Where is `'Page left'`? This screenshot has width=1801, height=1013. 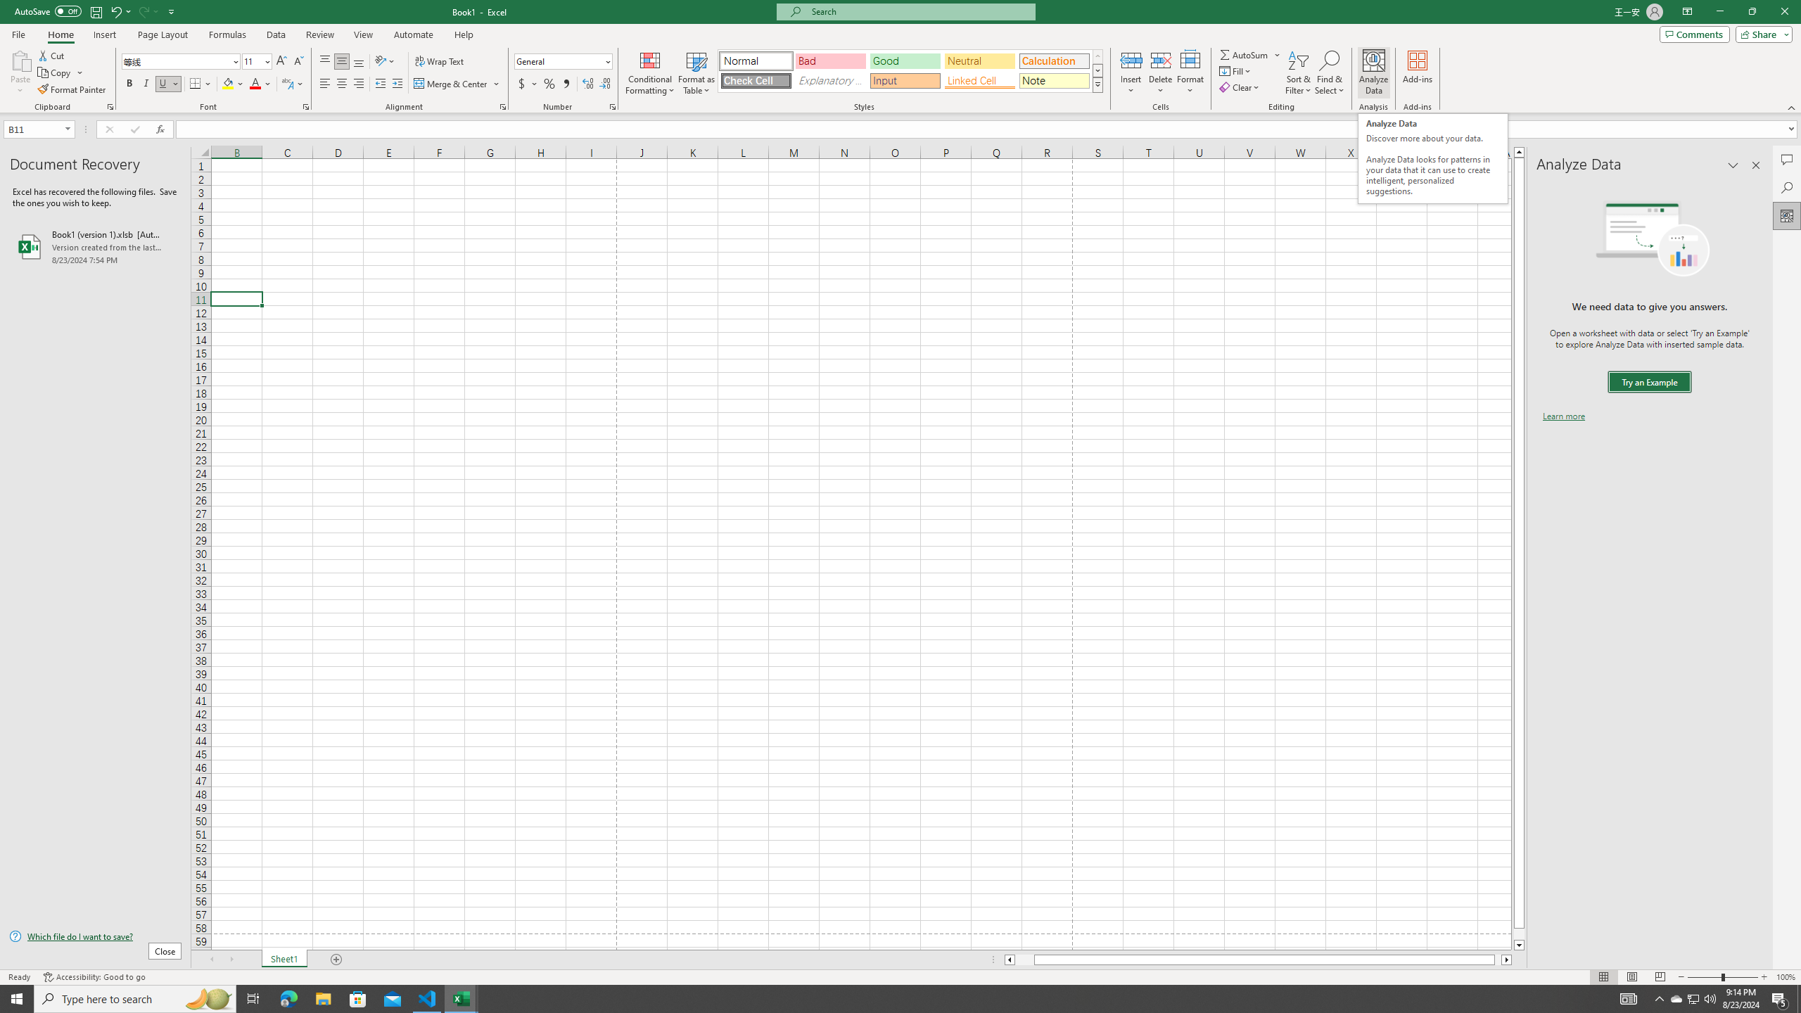
'Page left' is located at coordinates (1024, 959).